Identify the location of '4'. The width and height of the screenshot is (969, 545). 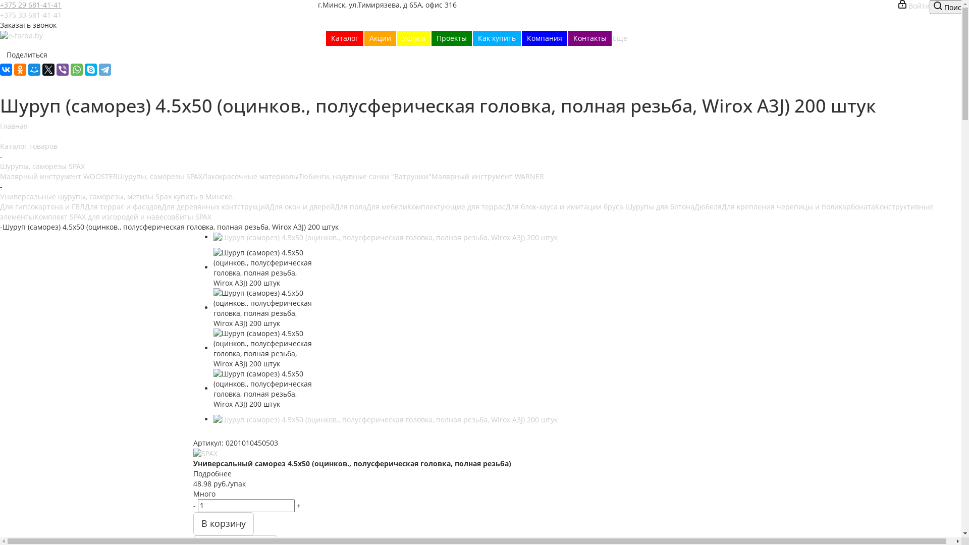
(226, 433).